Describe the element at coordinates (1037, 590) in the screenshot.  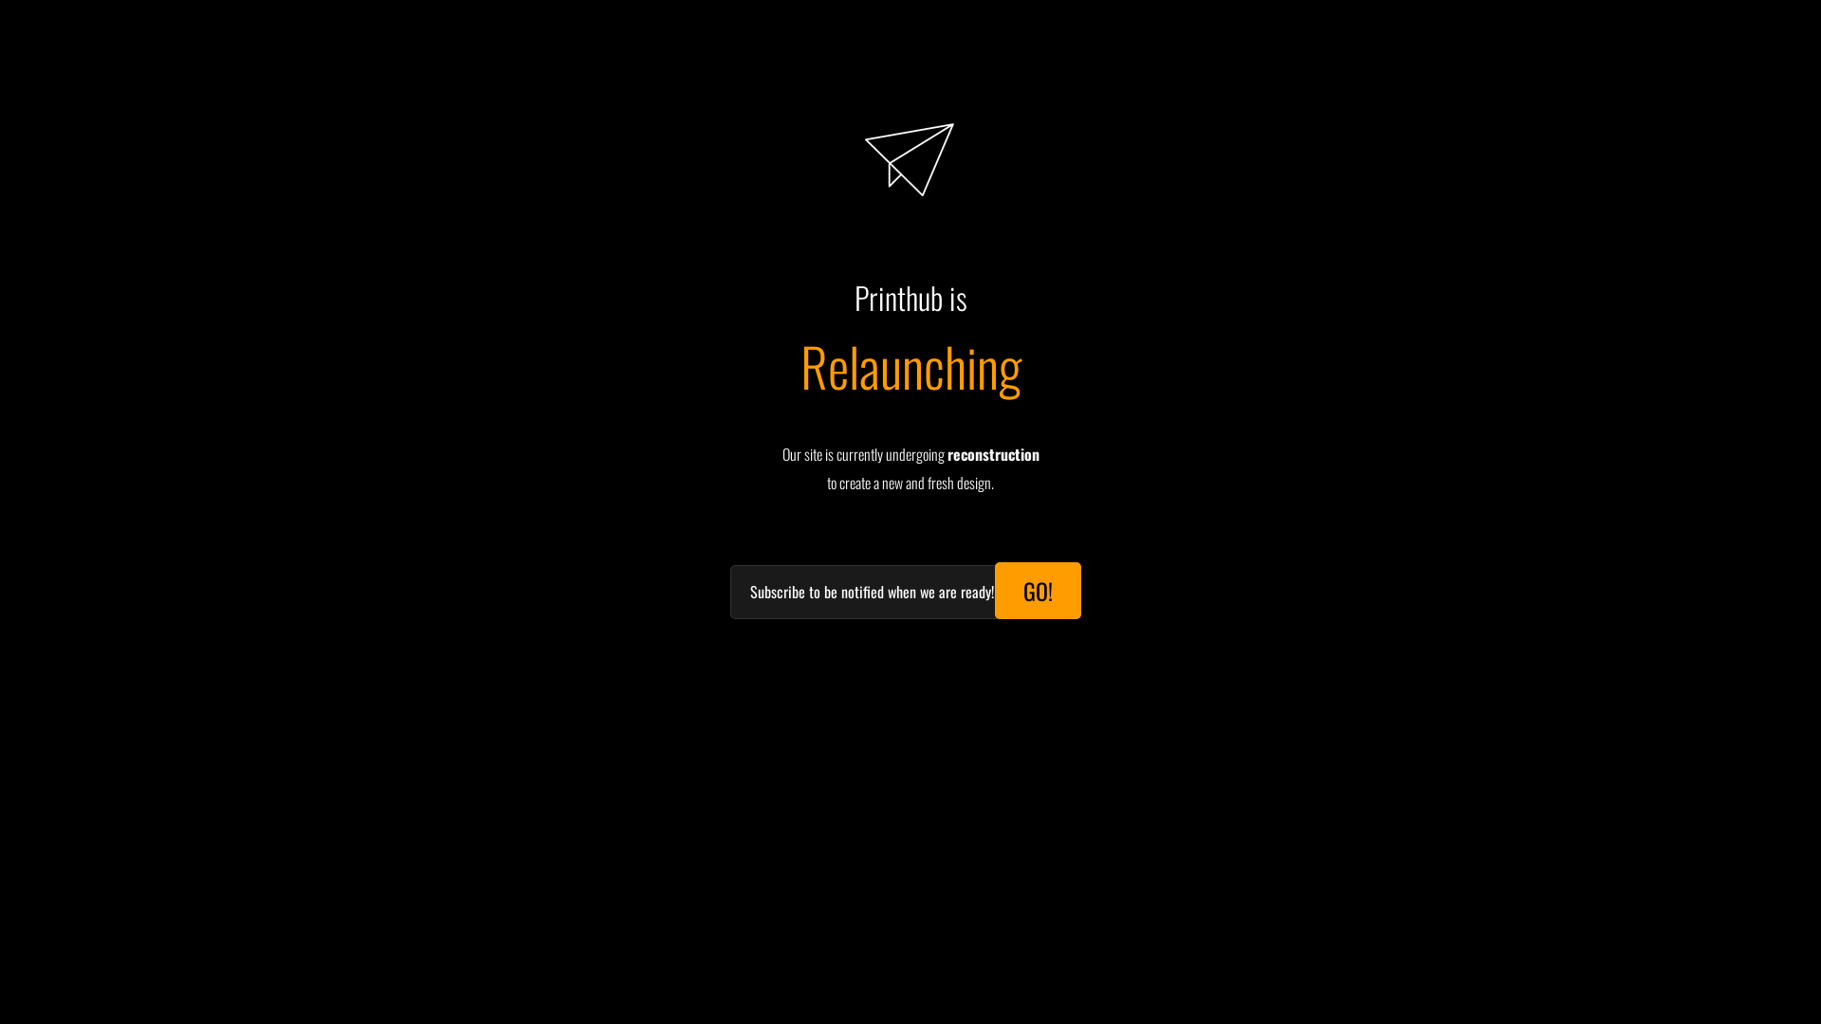
I see `'GO!'` at that location.